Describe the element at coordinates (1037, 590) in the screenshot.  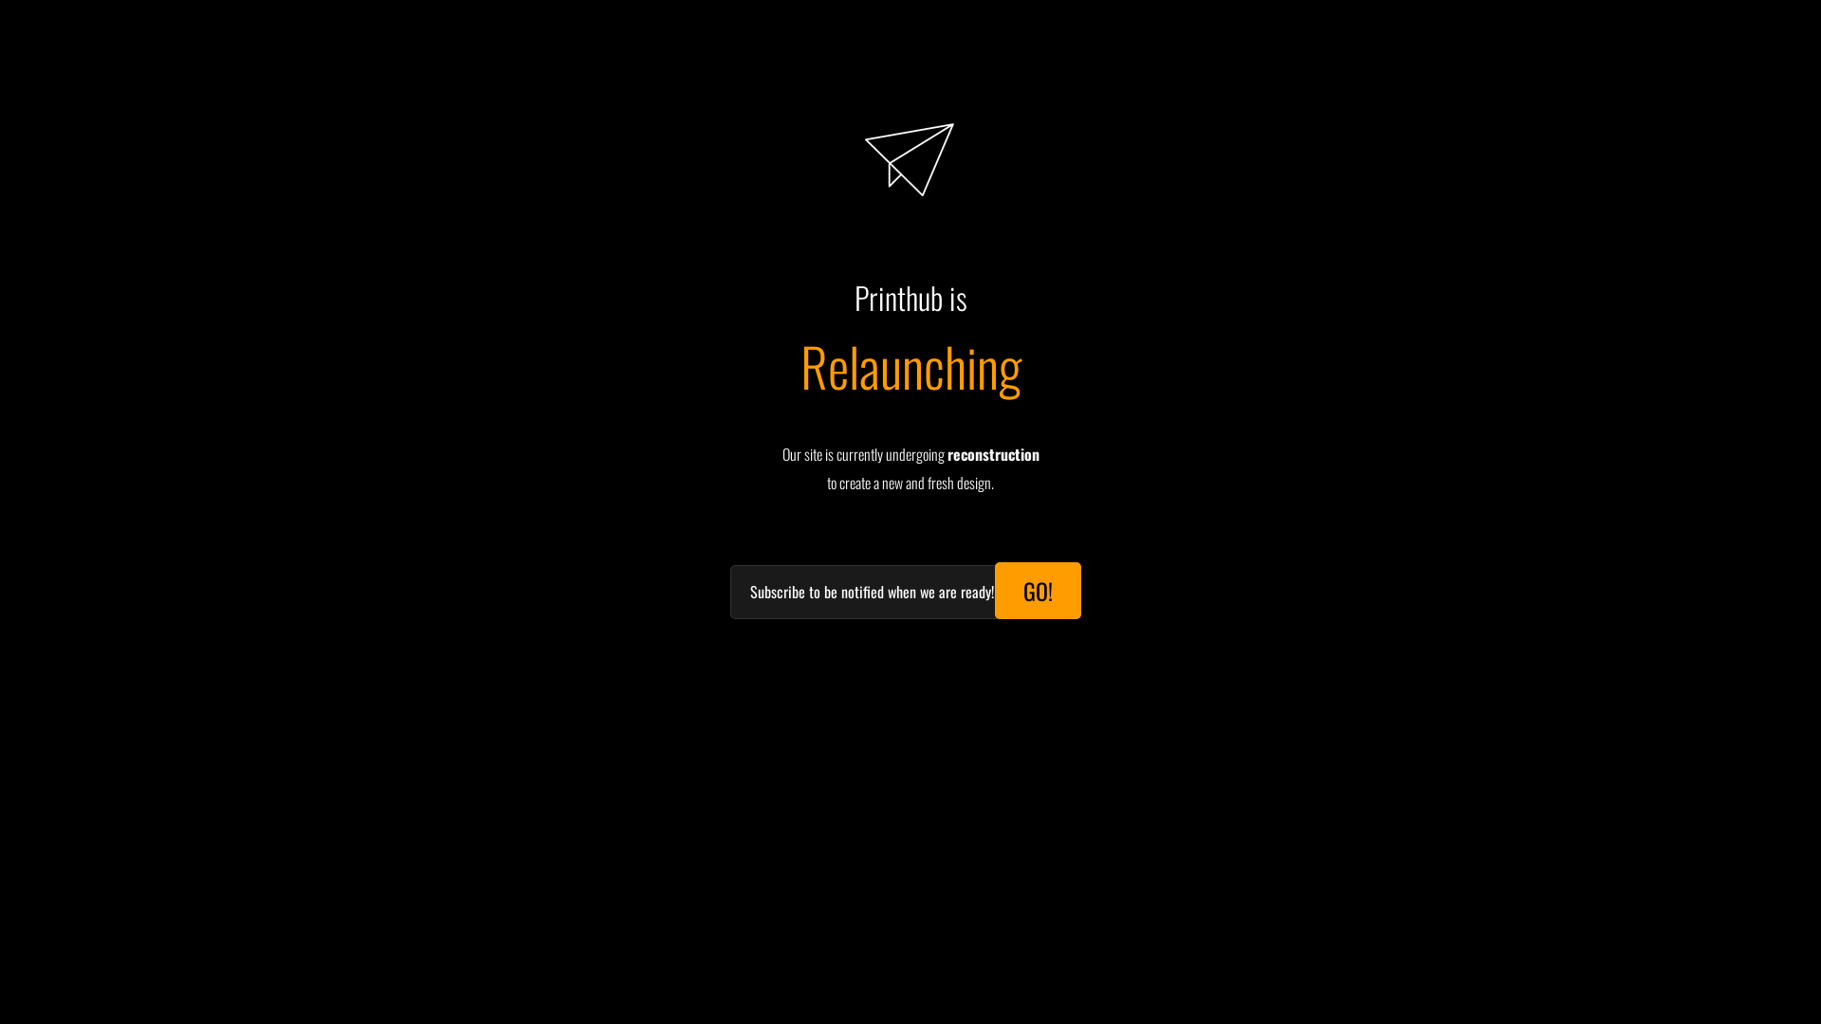
I see `'GO!'` at that location.